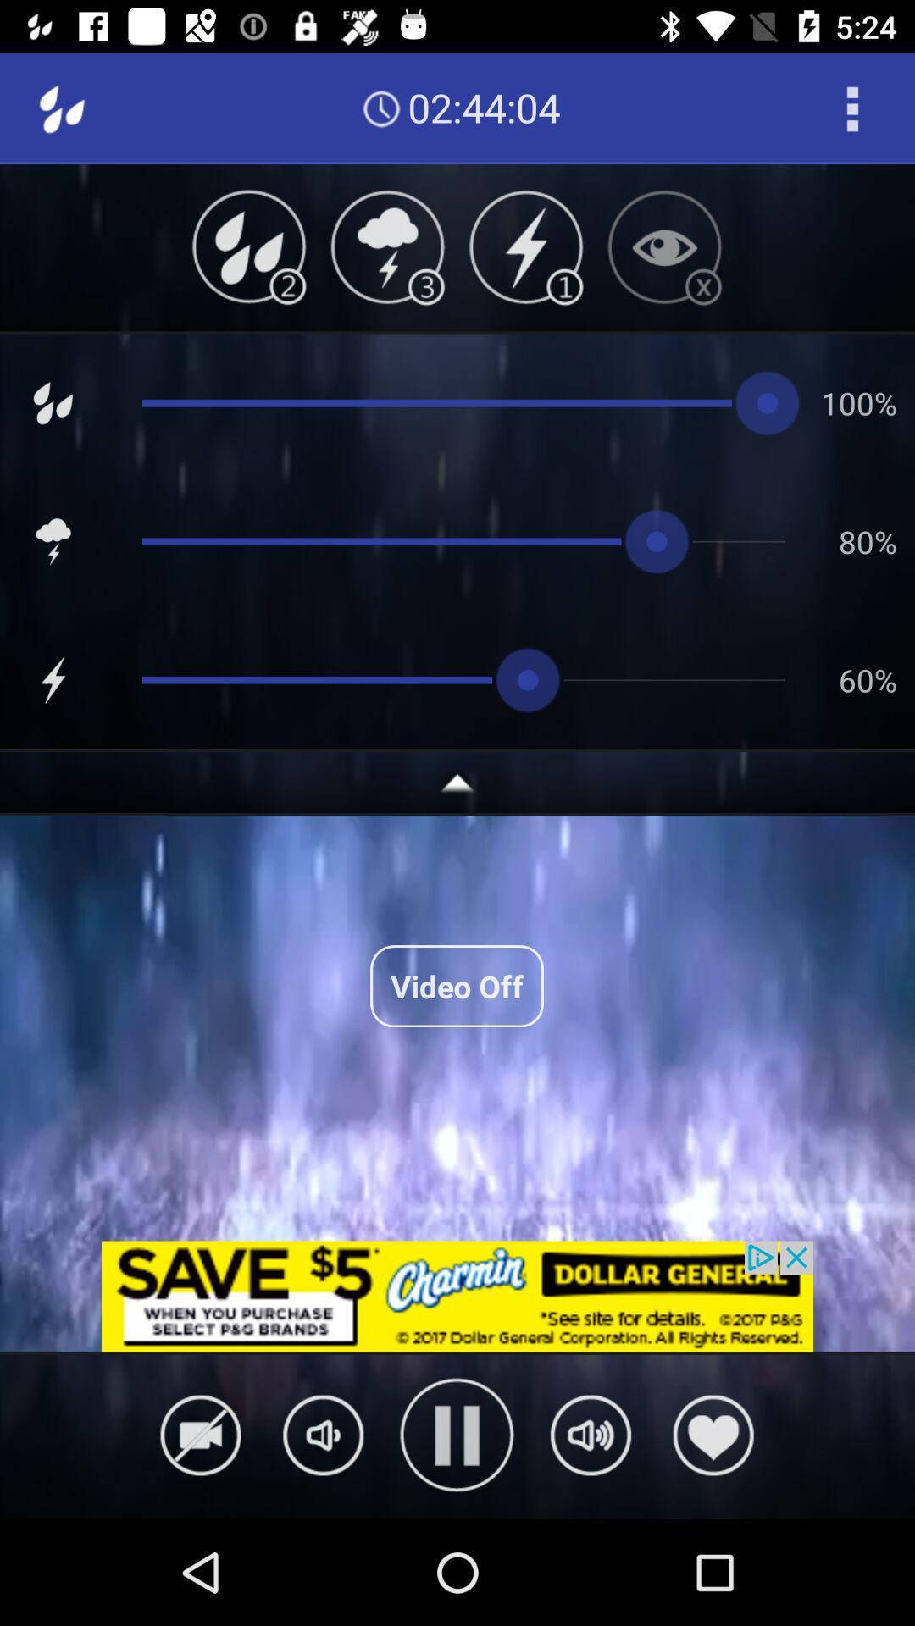  I want to click on the visibility icon, so click(663, 246).